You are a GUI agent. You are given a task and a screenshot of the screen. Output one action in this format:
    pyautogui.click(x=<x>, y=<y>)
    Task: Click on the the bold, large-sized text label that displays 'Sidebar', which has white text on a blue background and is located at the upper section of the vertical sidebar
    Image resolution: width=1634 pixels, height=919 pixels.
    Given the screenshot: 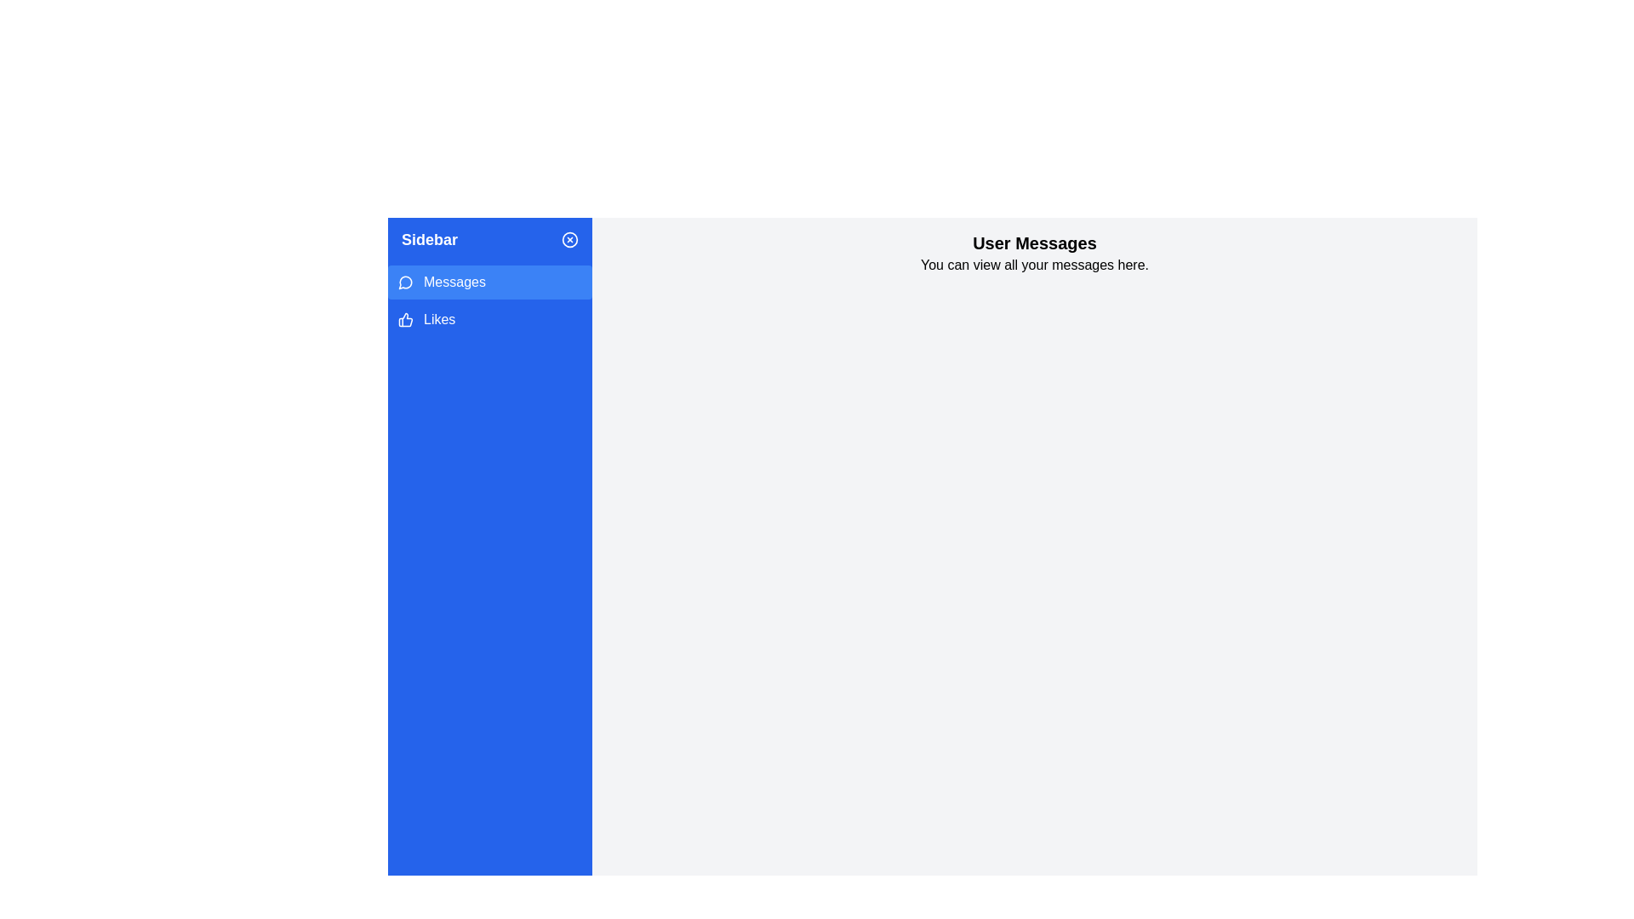 What is the action you would take?
    pyautogui.click(x=429, y=239)
    